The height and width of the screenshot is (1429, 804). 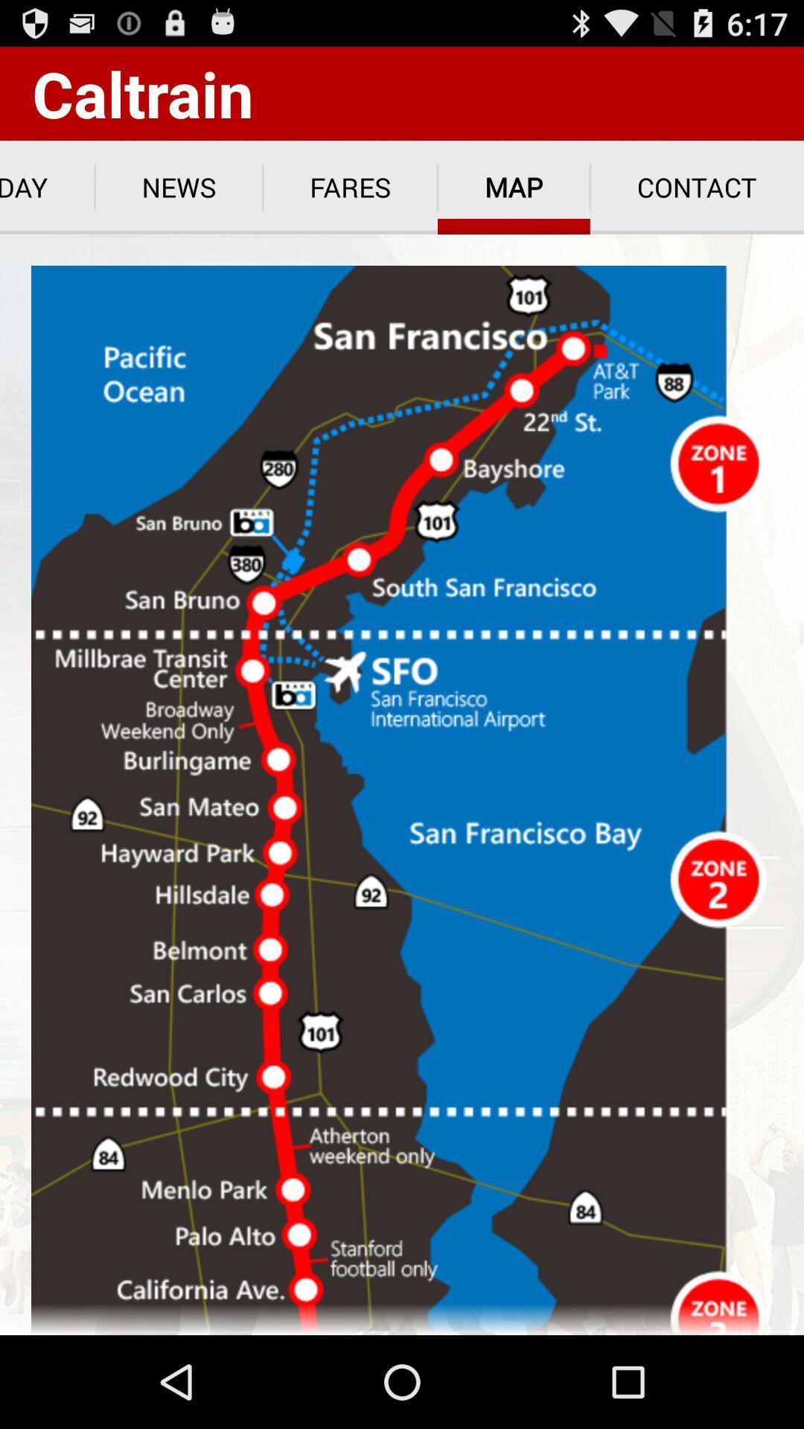 What do you see at coordinates (697, 187) in the screenshot?
I see `the app next to map` at bounding box center [697, 187].